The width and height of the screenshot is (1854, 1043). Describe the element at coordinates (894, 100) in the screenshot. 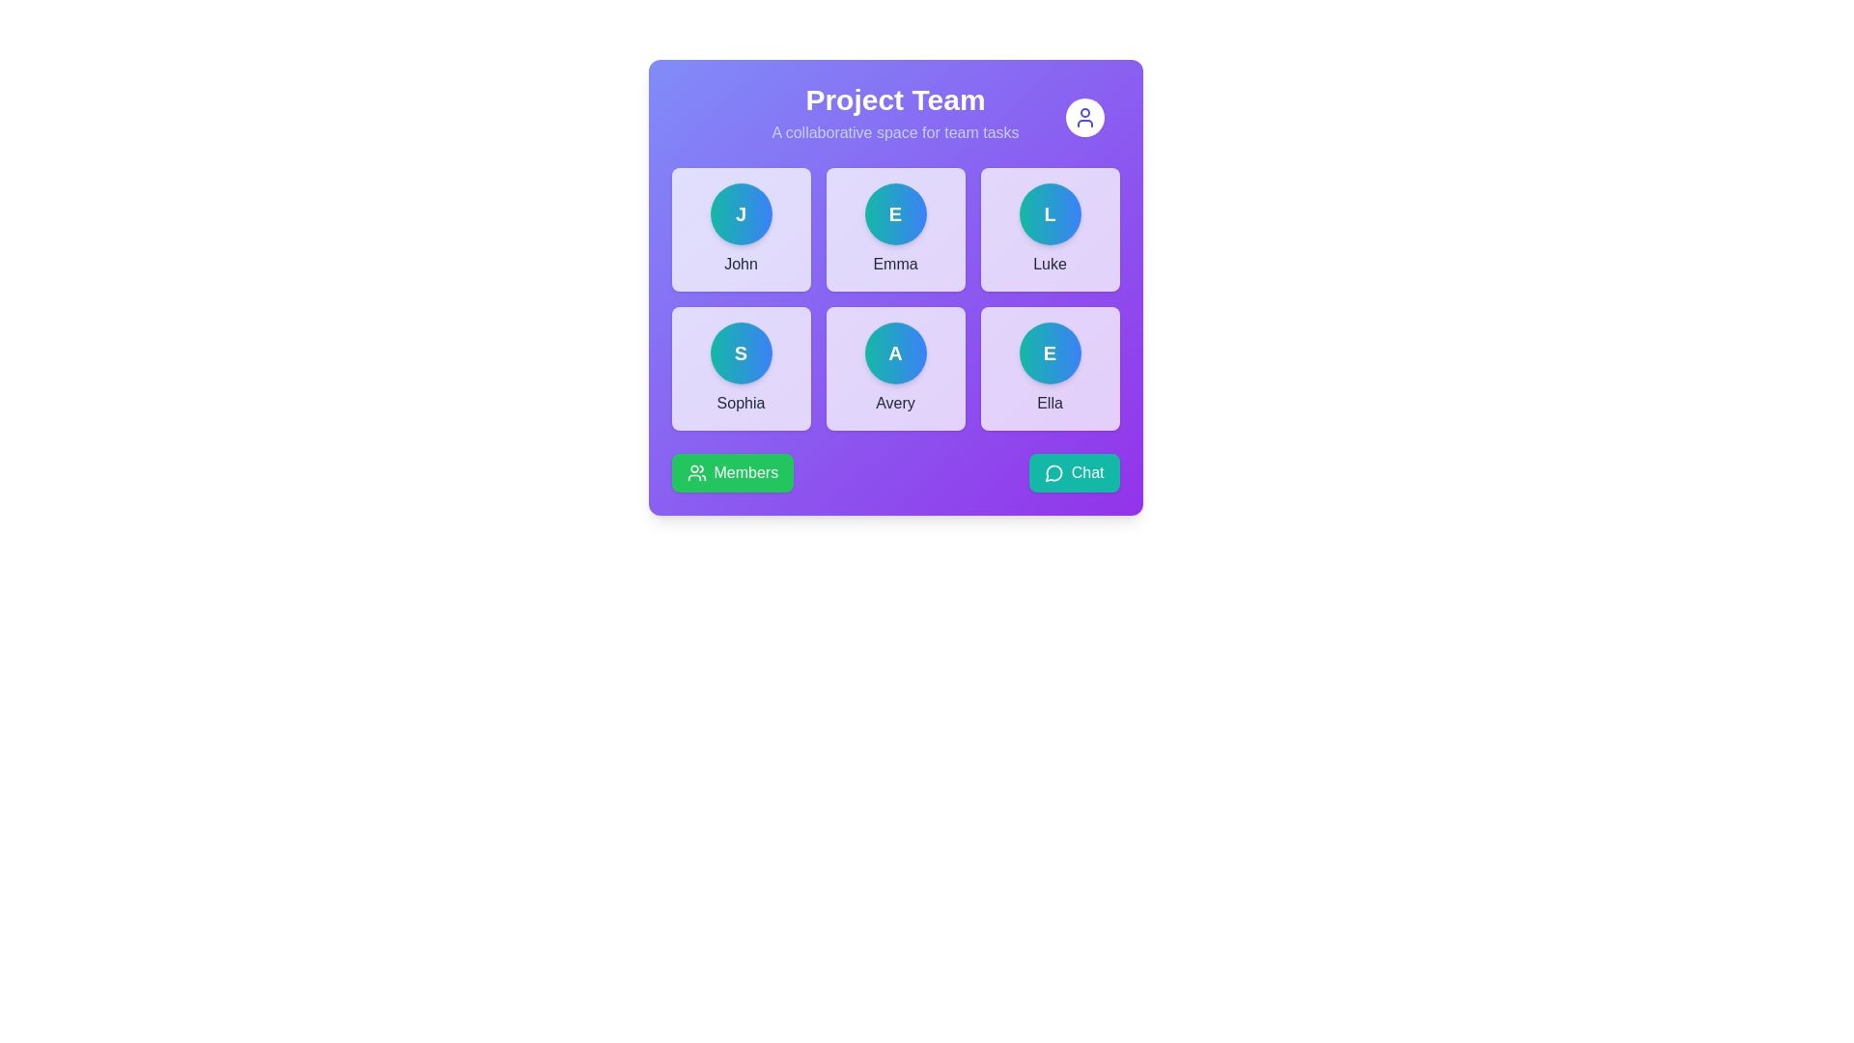

I see `the prominent bold title 'Project Team', which is styled in a large white font against a gradient purple background at the top of the header area` at that location.